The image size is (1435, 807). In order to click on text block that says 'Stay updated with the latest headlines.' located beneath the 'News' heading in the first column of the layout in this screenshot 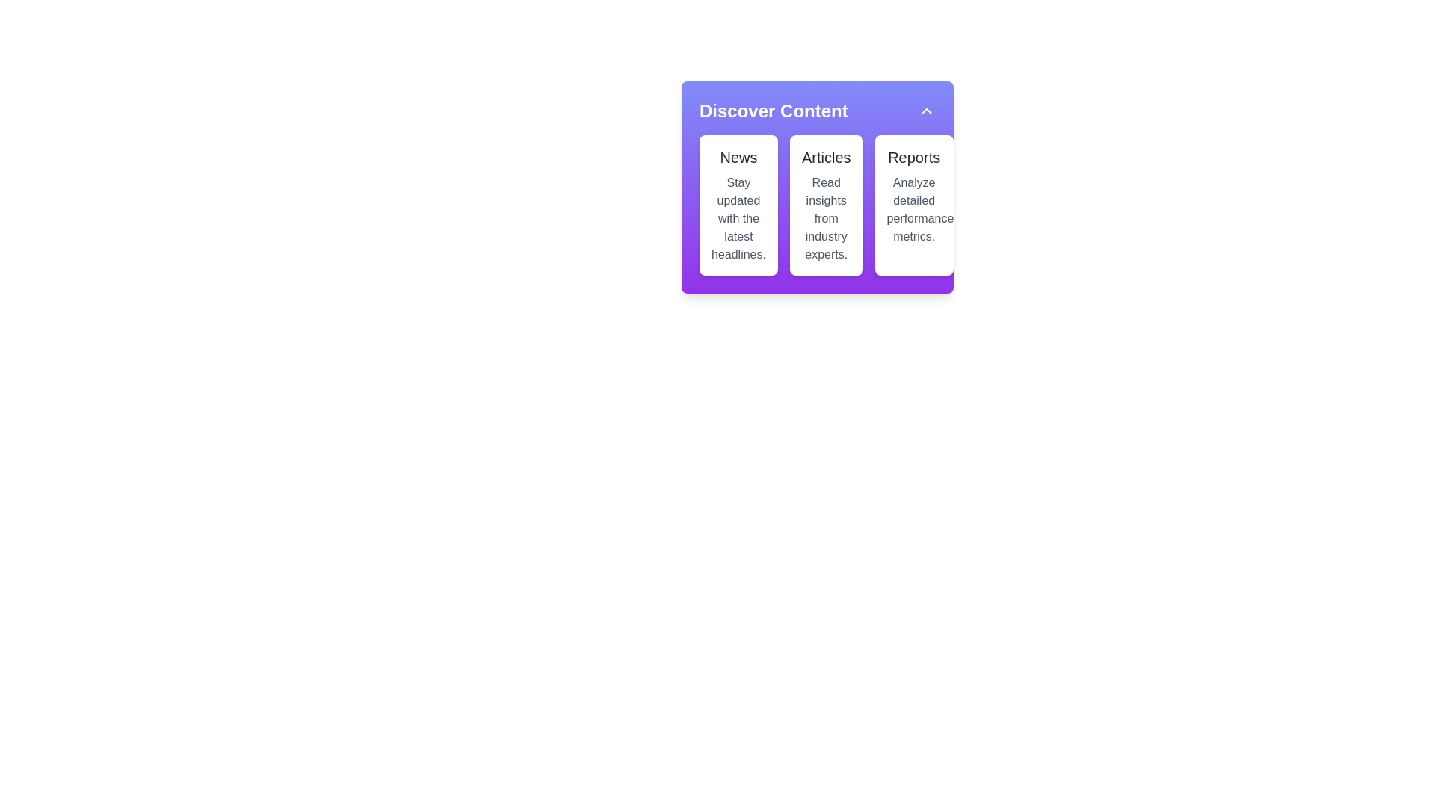, I will do `click(738, 219)`.